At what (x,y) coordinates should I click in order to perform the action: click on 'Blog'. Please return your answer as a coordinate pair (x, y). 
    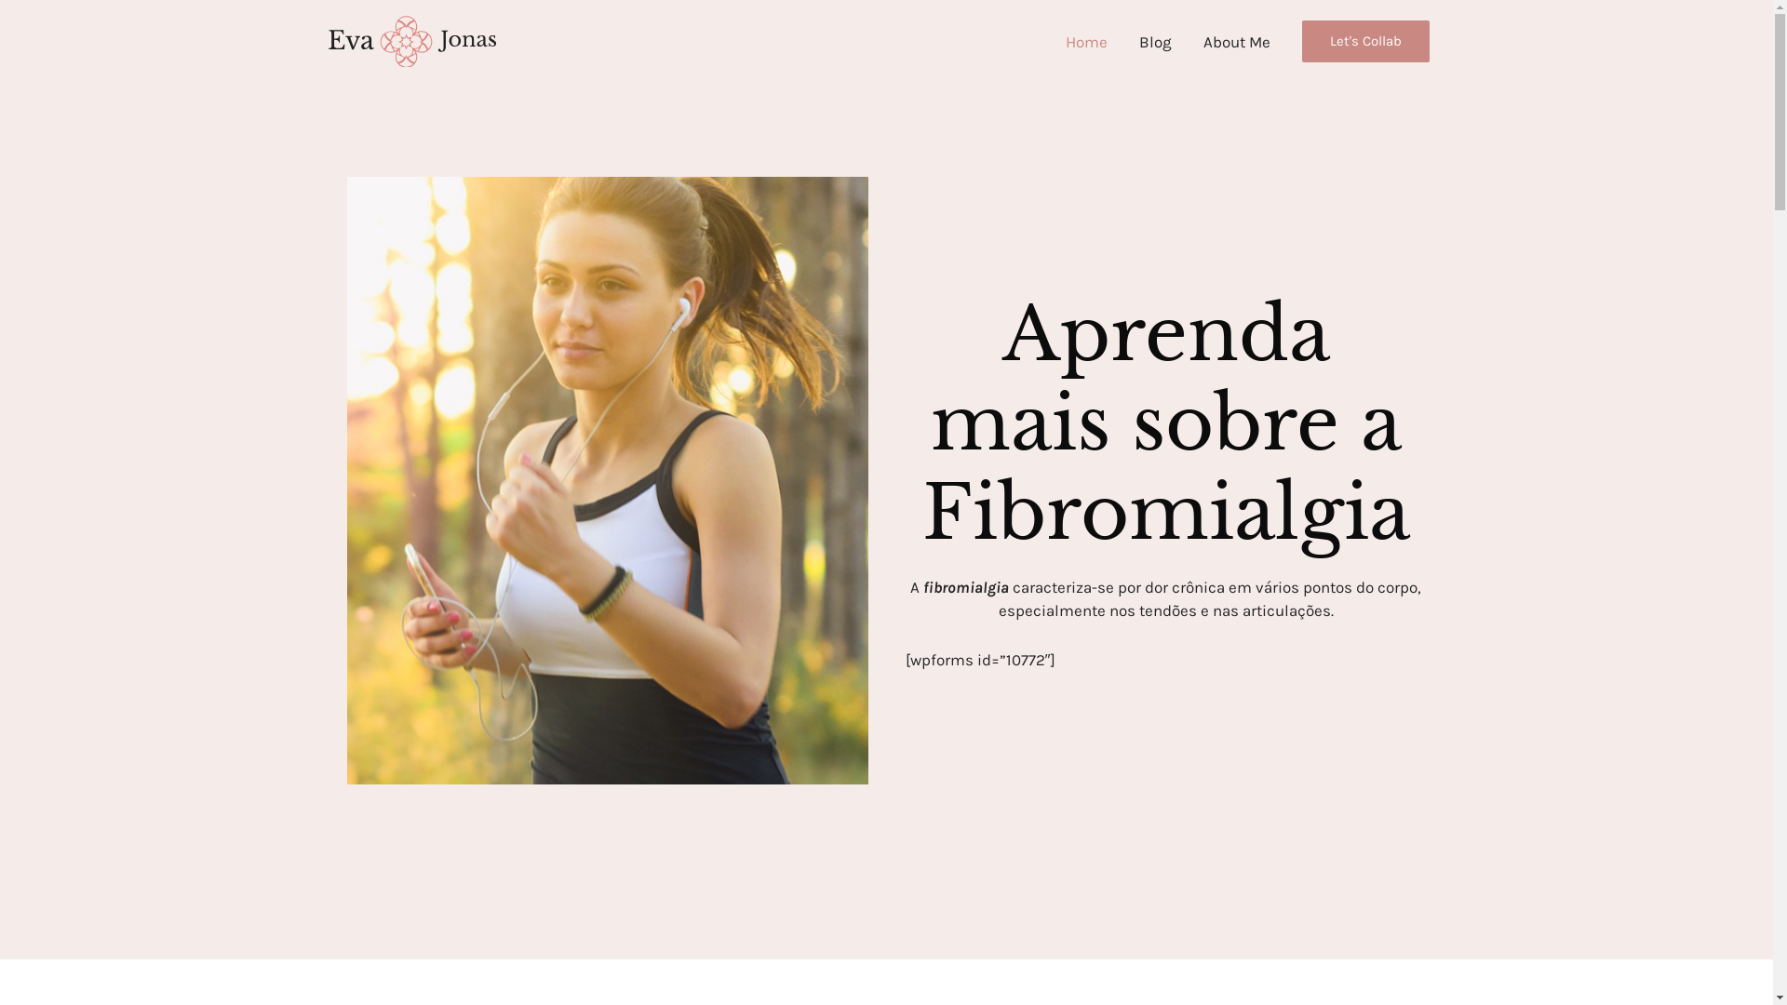
    Looking at the image, I should click on (1153, 42).